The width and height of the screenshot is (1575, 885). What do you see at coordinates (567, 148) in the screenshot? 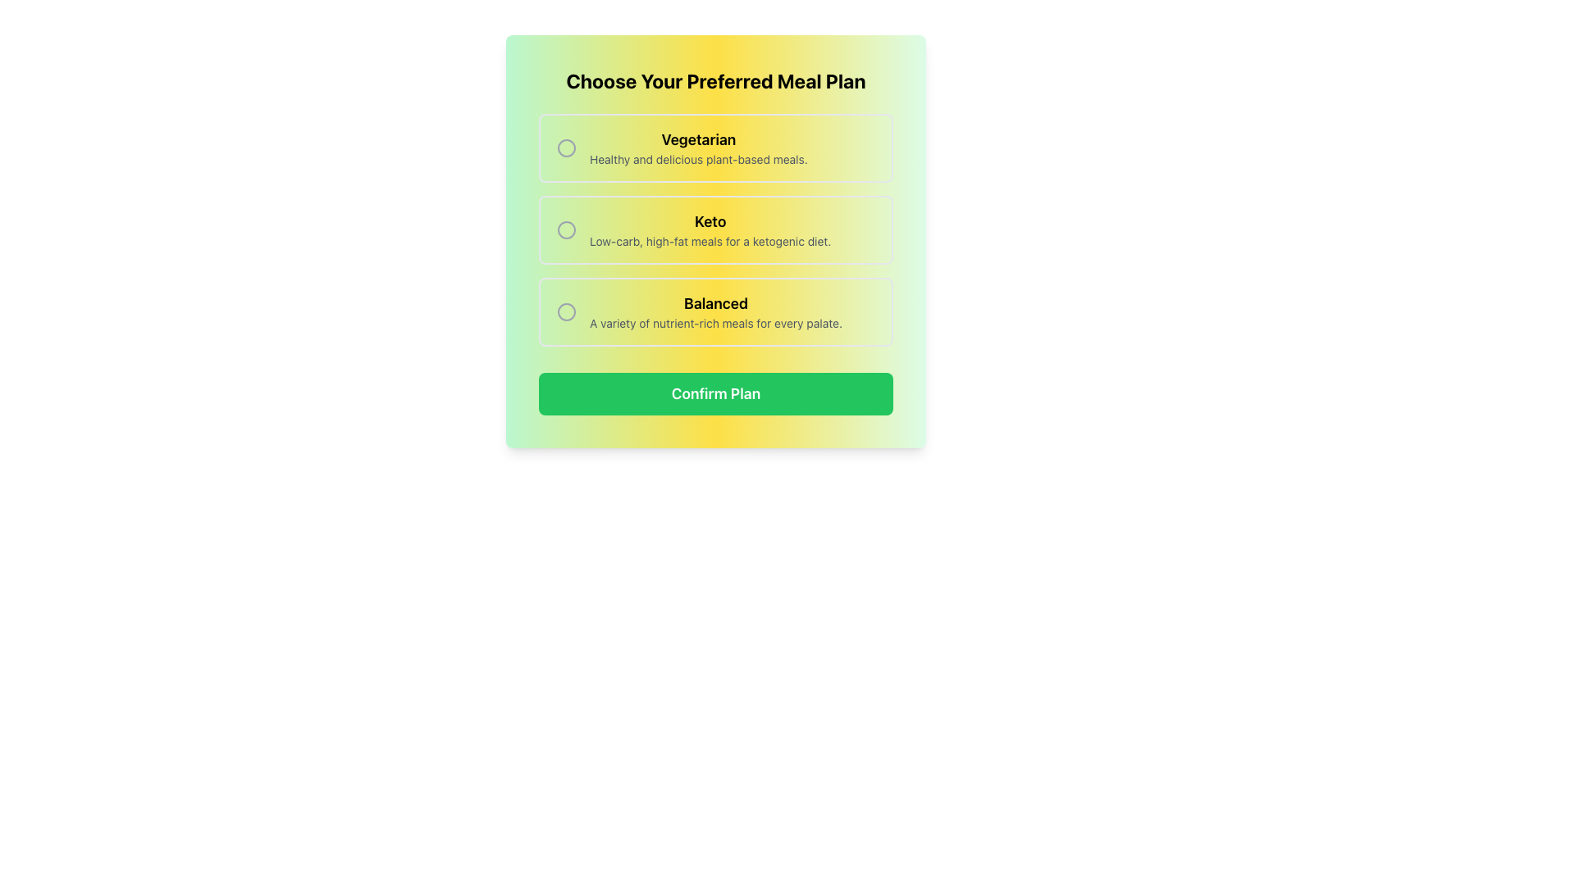
I see `the 'Vegetarian' radio button` at bounding box center [567, 148].